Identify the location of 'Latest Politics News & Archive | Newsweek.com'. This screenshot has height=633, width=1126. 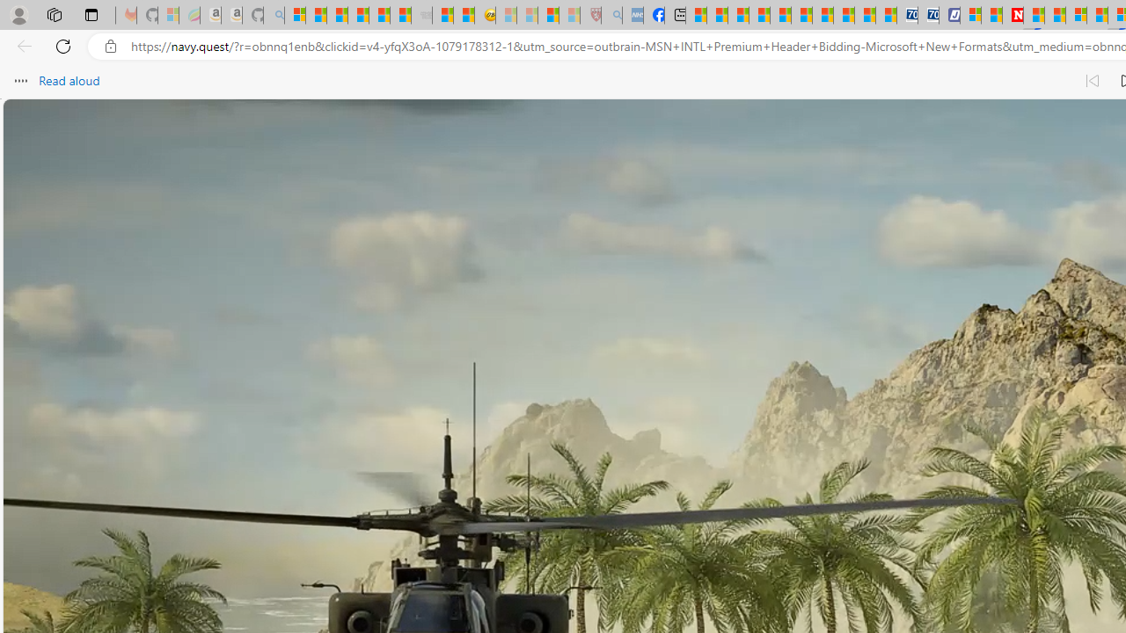
(1013, 15).